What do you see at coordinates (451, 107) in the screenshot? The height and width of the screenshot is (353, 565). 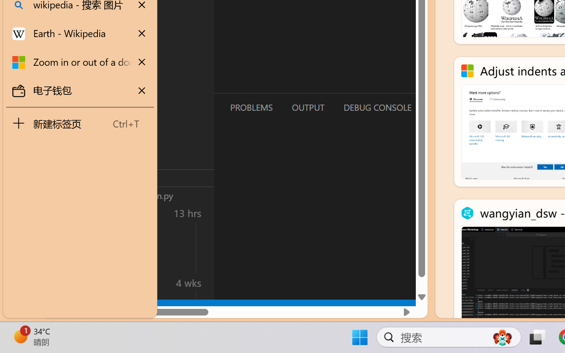 I see `'Terminal (Ctrl+`)'` at bounding box center [451, 107].